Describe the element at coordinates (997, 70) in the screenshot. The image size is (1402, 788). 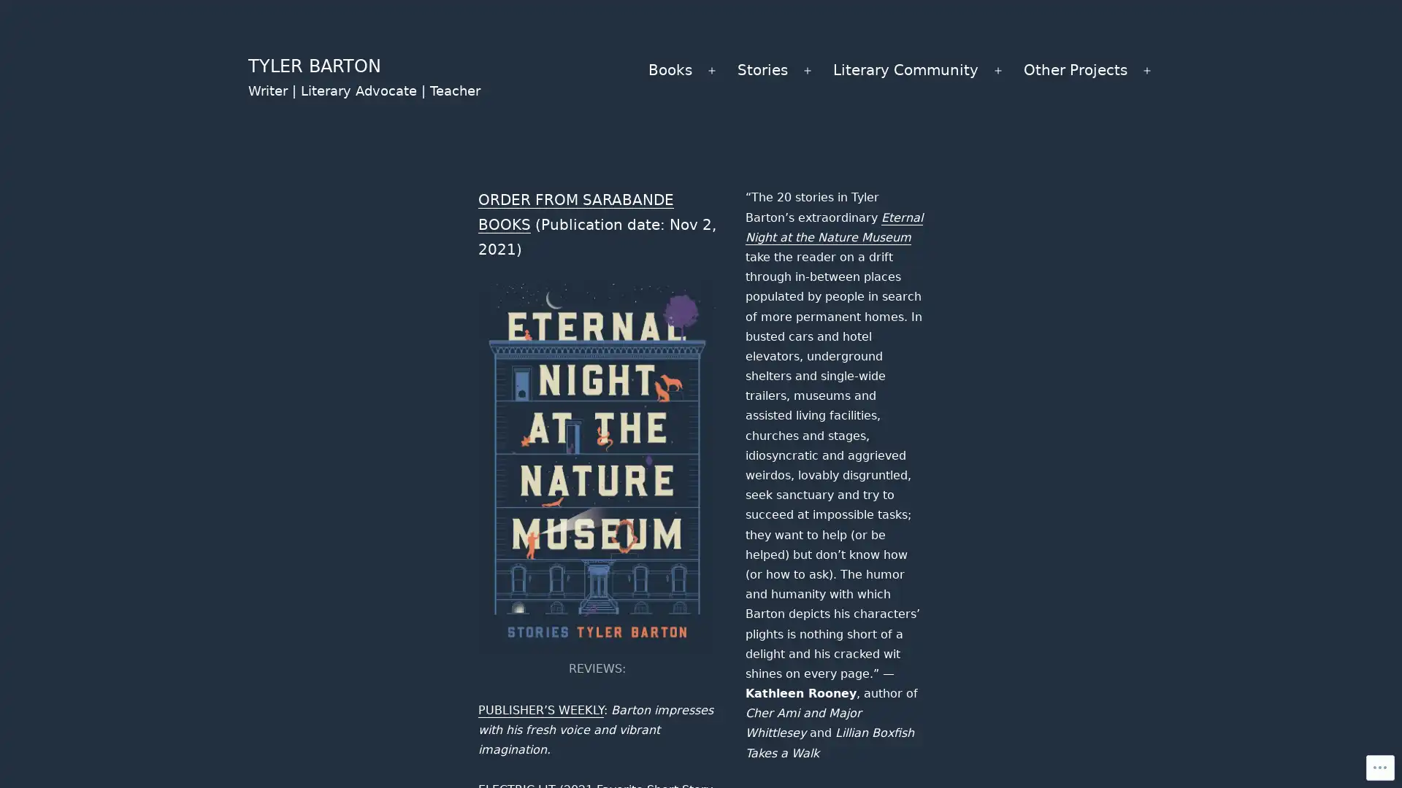
I see `Open menu` at that location.